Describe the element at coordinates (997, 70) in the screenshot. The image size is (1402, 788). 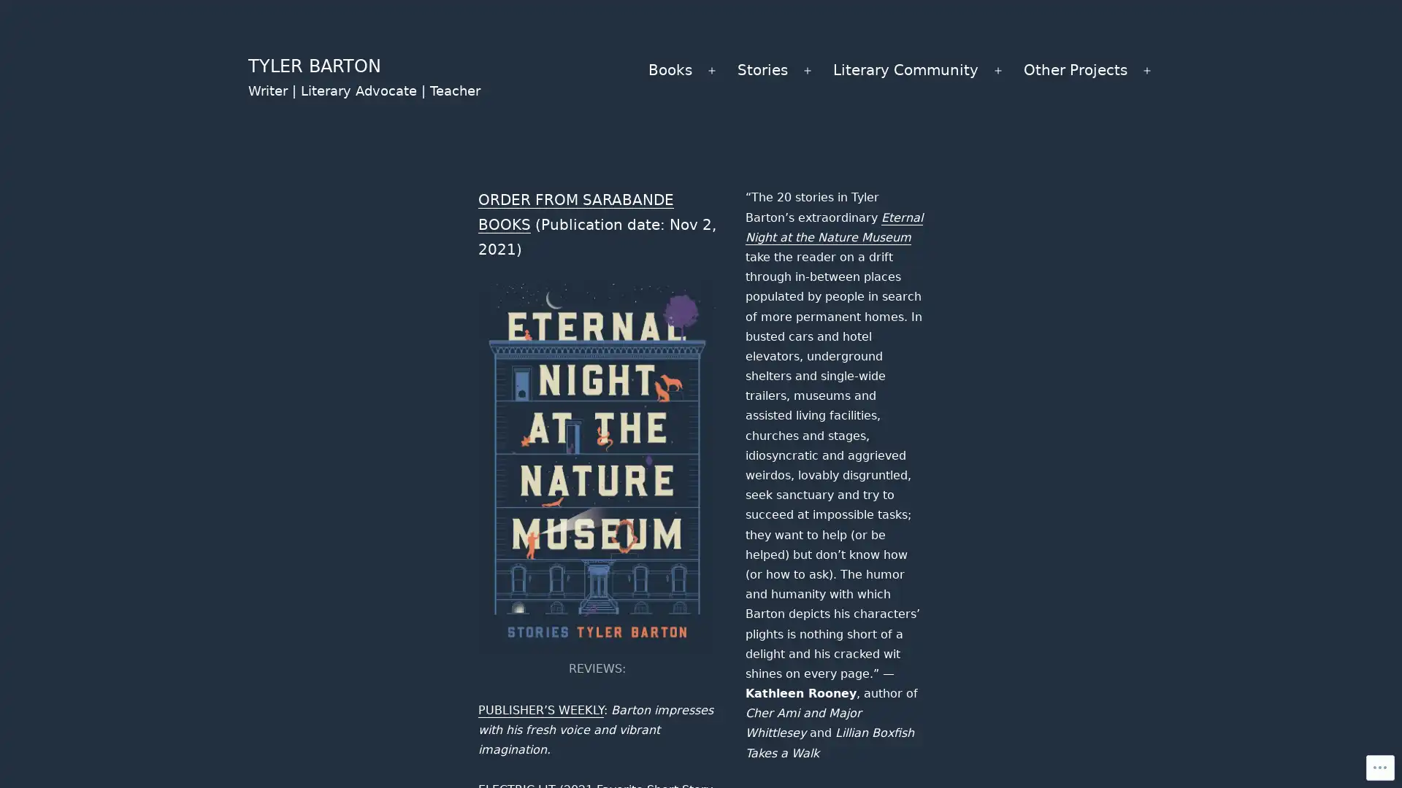
I see `Open menu` at that location.